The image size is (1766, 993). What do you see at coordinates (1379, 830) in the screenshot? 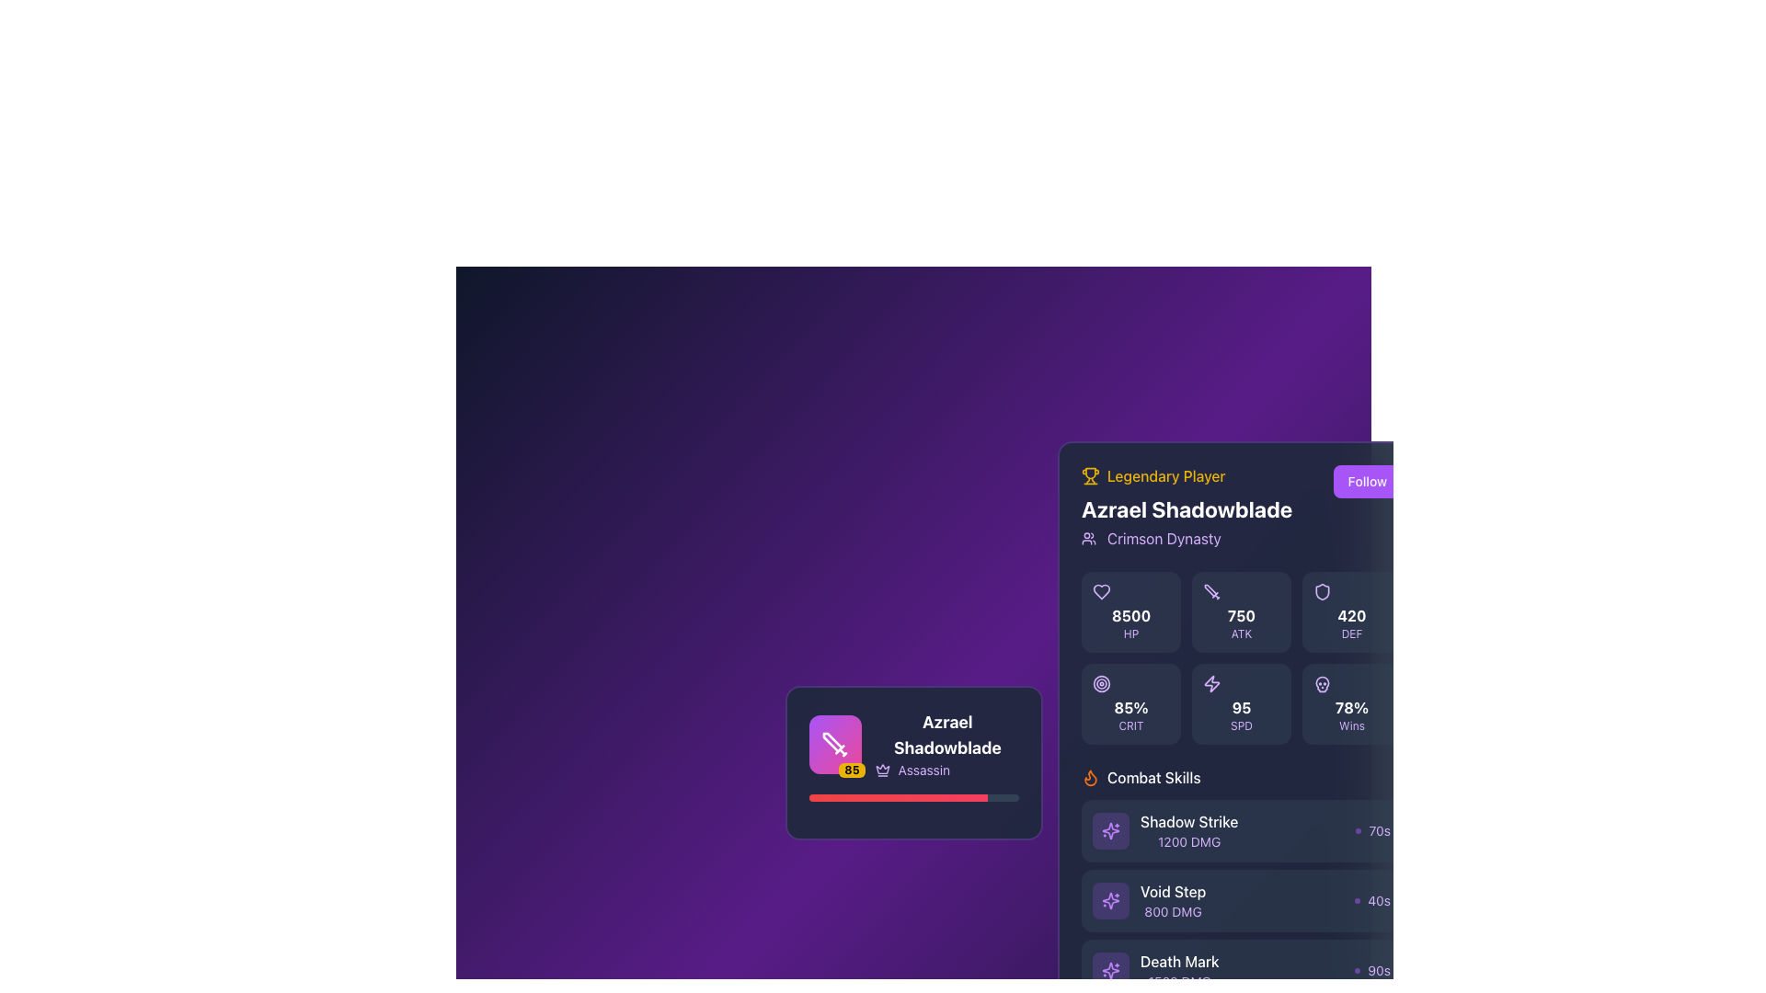
I see `the text label displaying the timer or cooldown duration for the 'Shadow Strike' skill, located in the 'Combat Skills' section to the right of the animated pulsing dot` at bounding box center [1379, 830].